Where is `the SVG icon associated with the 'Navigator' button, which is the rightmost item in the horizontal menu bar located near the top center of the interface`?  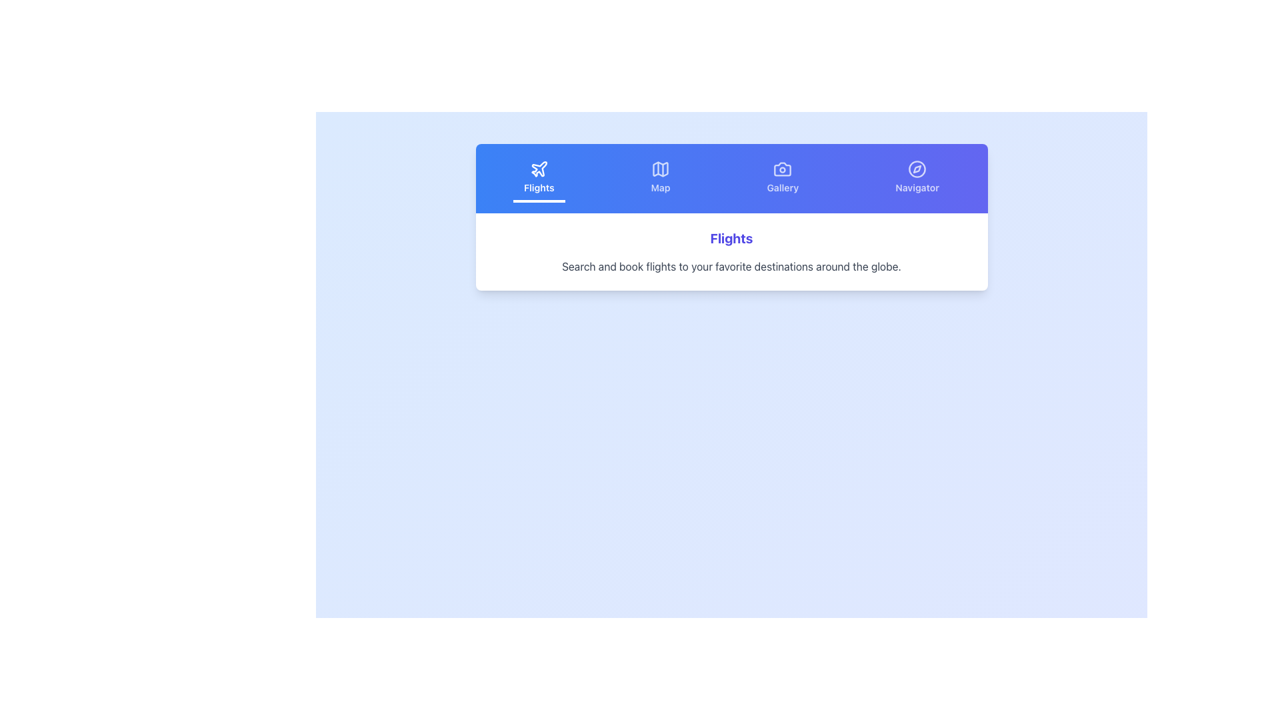 the SVG icon associated with the 'Navigator' button, which is the rightmost item in the horizontal menu bar located near the top center of the interface is located at coordinates (917, 169).